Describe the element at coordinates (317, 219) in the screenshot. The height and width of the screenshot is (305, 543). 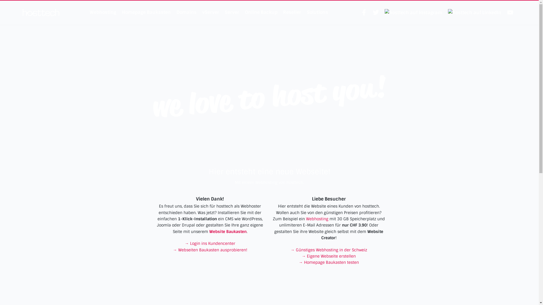
I see `'Webhosting'` at that location.